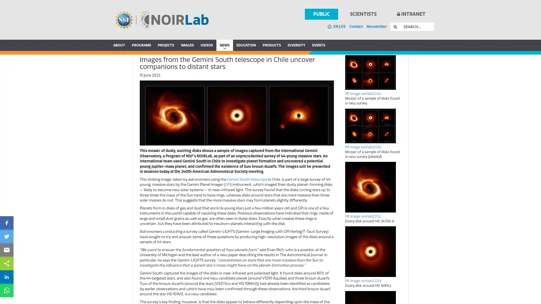 This screenshot has height=304, width=541. What do you see at coordinates (411, 14) in the screenshot?
I see `INTRANET` at bounding box center [411, 14].